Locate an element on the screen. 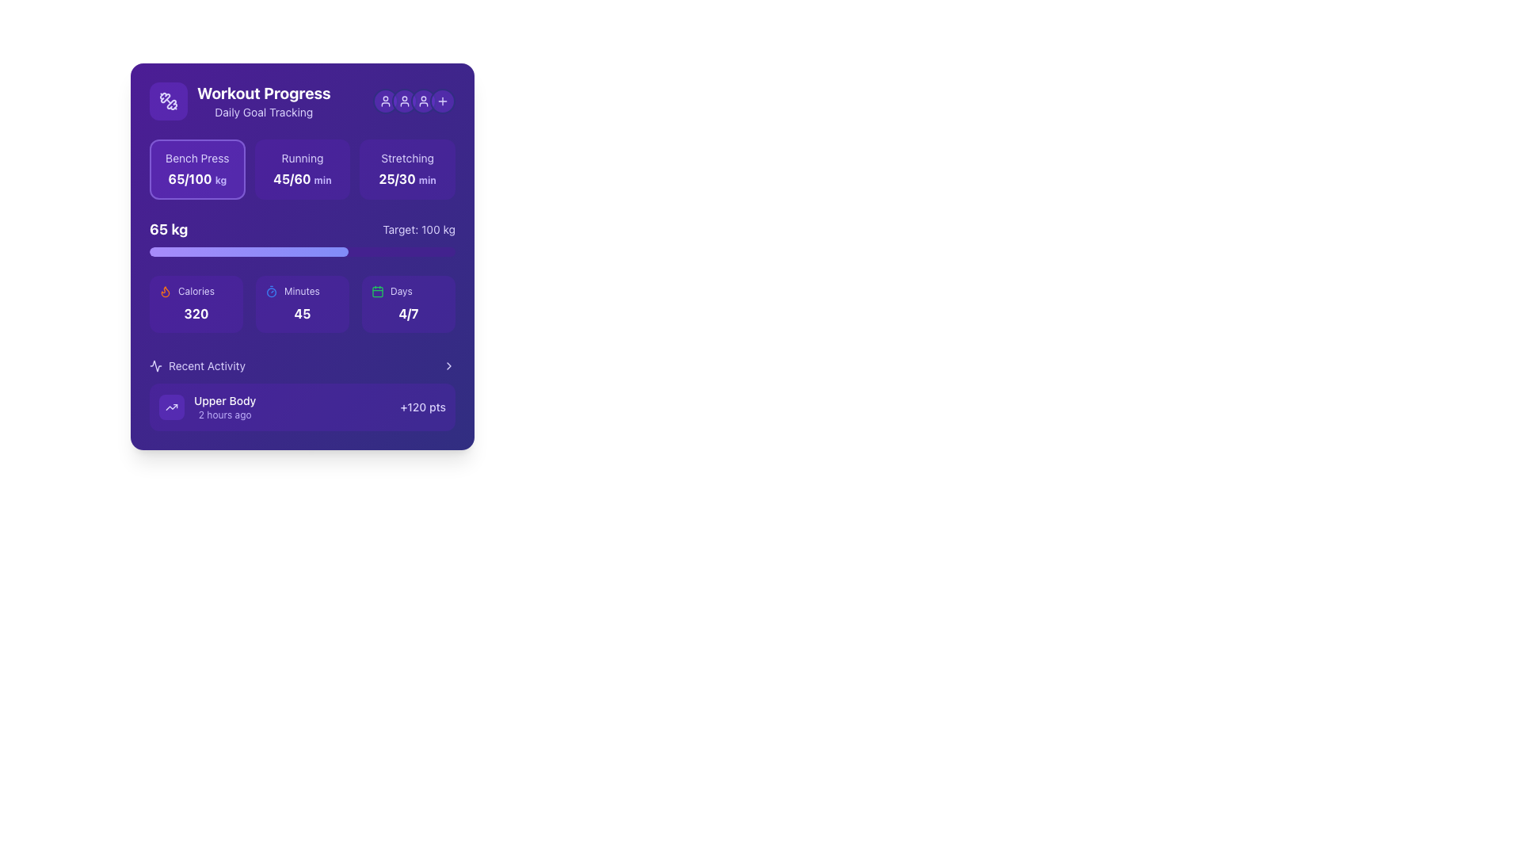  the Activity summary item displaying 'Upper Body' and '+120 pts' for details is located at coordinates (303, 406).